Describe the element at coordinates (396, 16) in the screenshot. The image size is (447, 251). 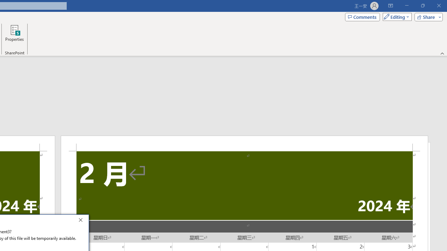
I see `'Mode'` at that location.